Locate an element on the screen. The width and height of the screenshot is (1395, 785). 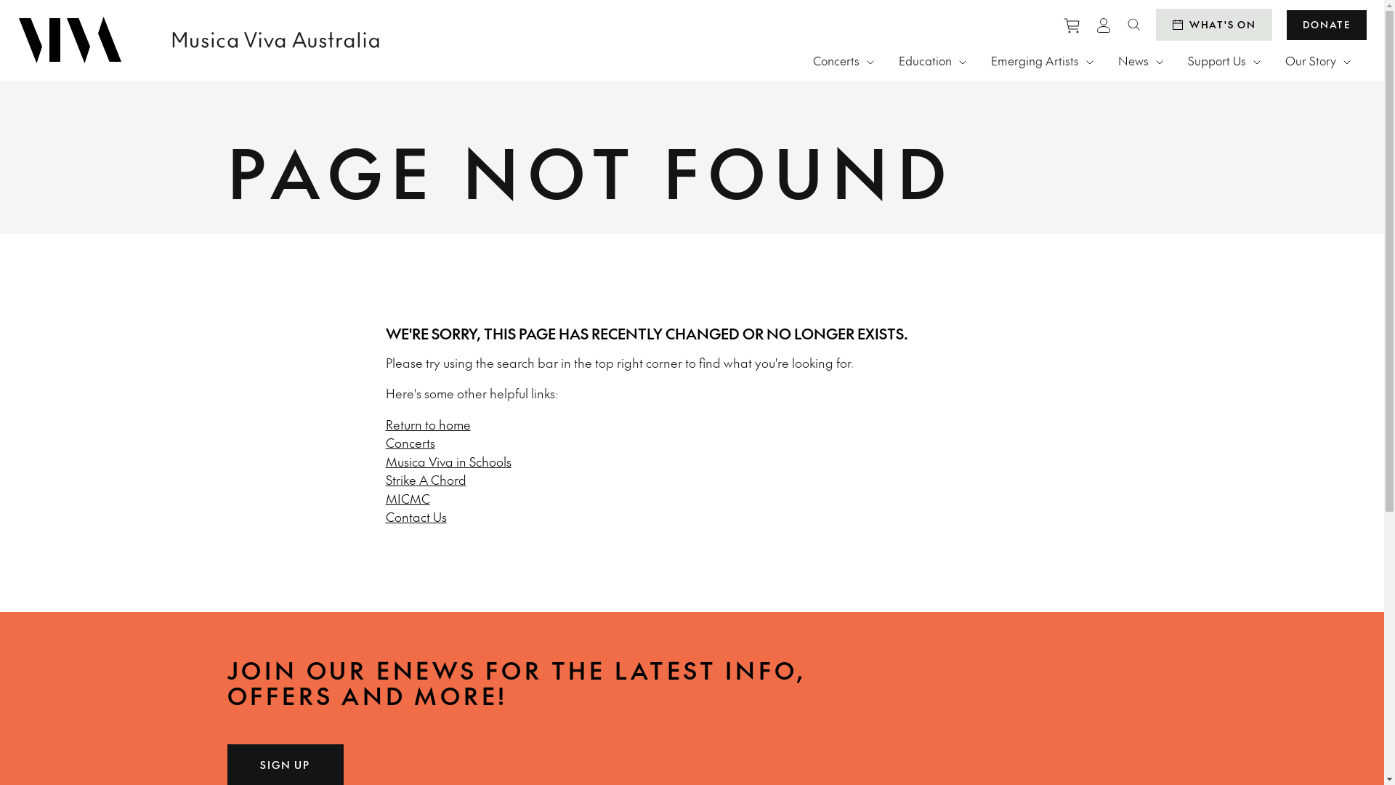
'WHAT'S ON' is located at coordinates (1213, 25).